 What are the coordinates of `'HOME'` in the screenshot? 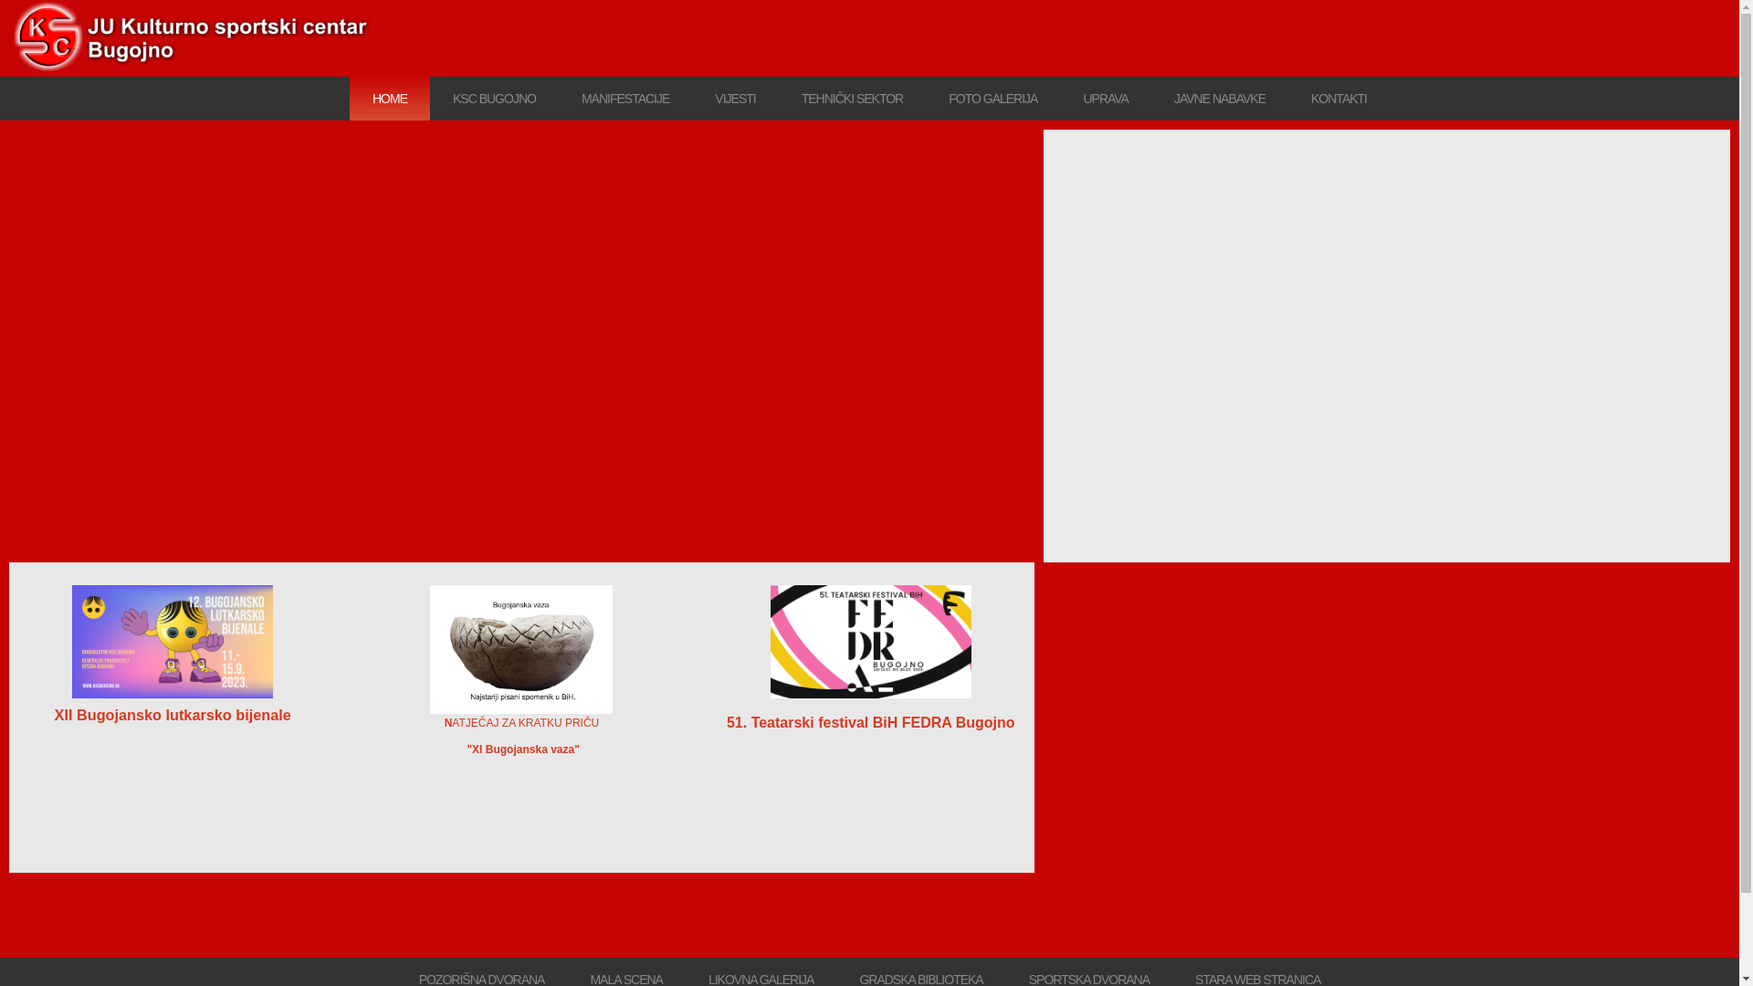 It's located at (389, 99).